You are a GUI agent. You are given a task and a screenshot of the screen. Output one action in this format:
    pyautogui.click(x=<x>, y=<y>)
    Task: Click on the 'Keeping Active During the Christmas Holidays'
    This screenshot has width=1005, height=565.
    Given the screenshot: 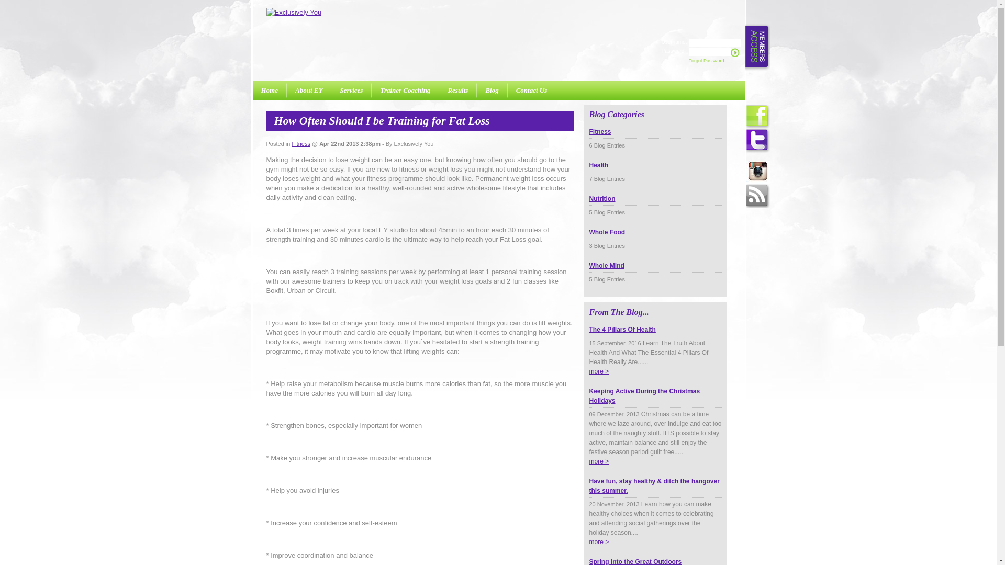 What is the action you would take?
    pyautogui.click(x=655, y=401)
    